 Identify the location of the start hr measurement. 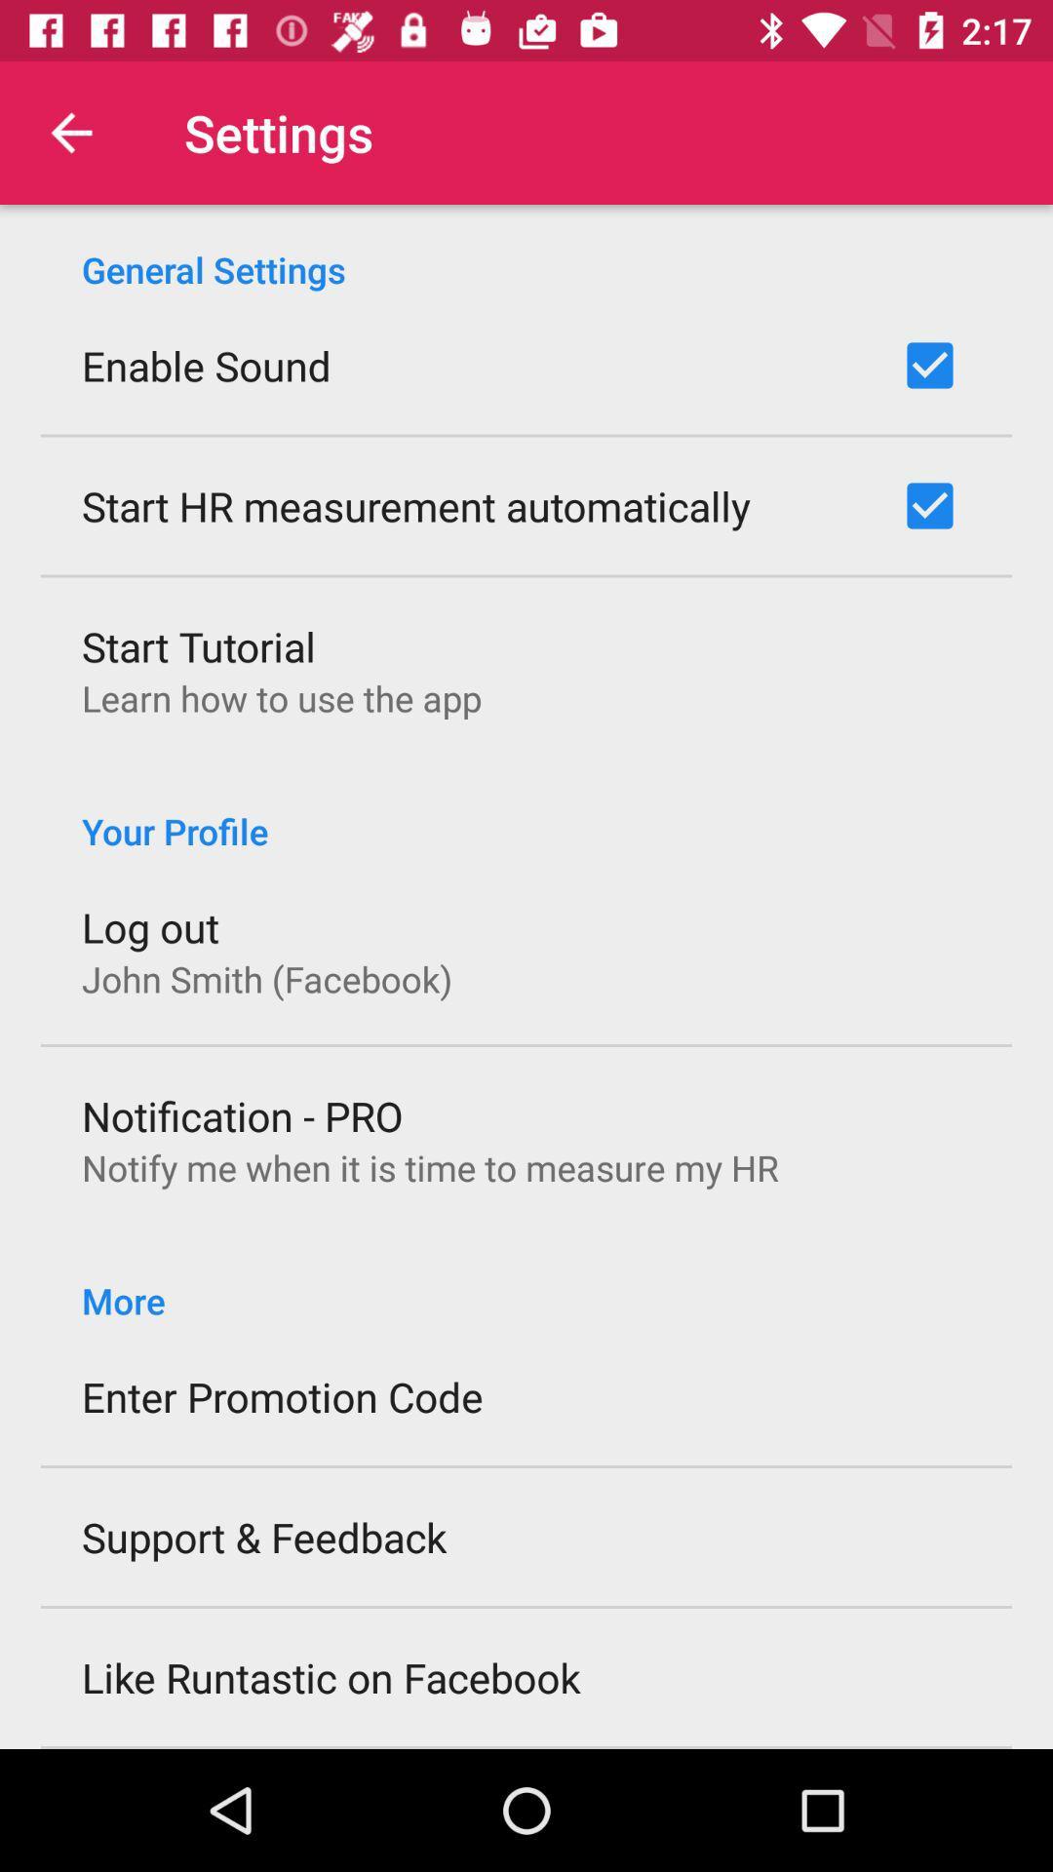
(415, 505).